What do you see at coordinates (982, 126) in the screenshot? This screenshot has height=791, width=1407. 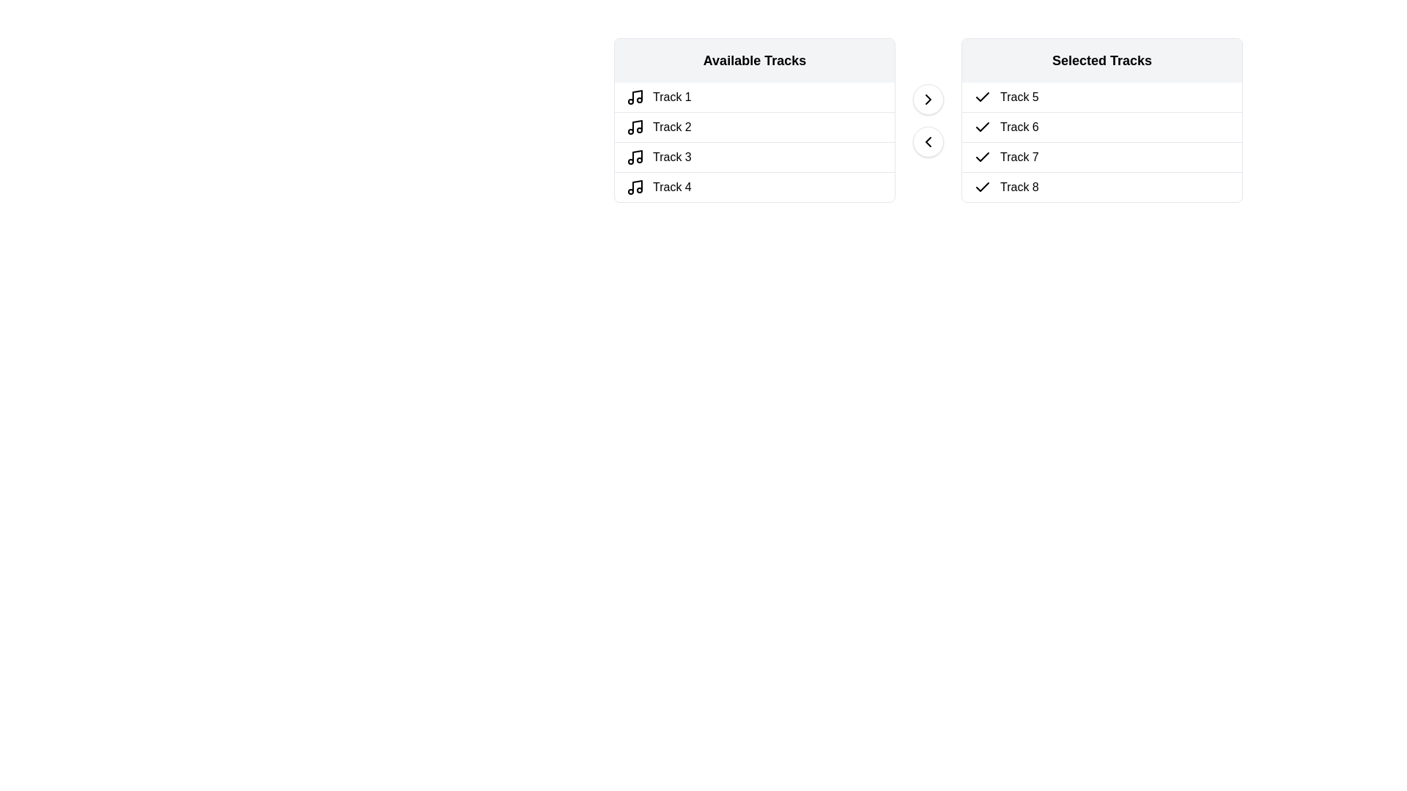 I see `the checkmark icon located slightly to the left of the text 'Track 6' under the 'Selected Tracks' column` at bounding box center [982, 126].